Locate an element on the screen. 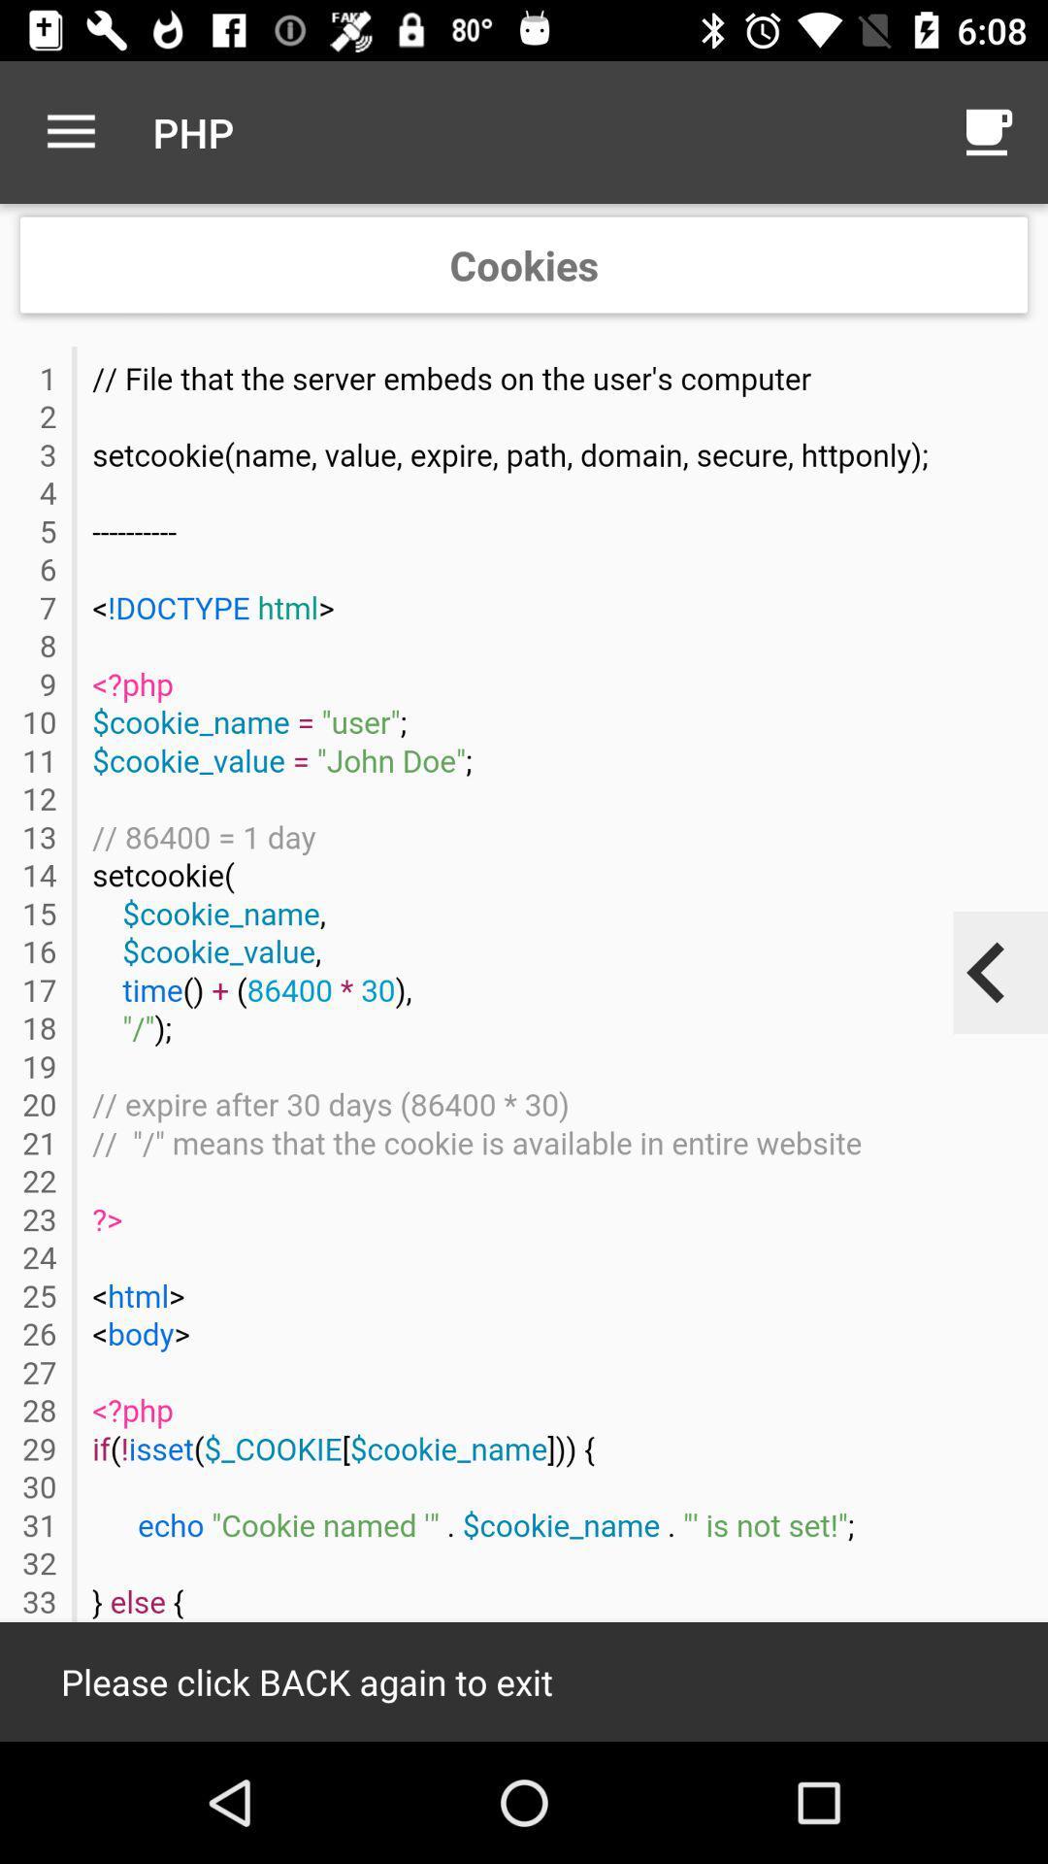 Image resolution: width=1048 pixels, height=1864 pixels. go back is located at coordinates (987, 973).